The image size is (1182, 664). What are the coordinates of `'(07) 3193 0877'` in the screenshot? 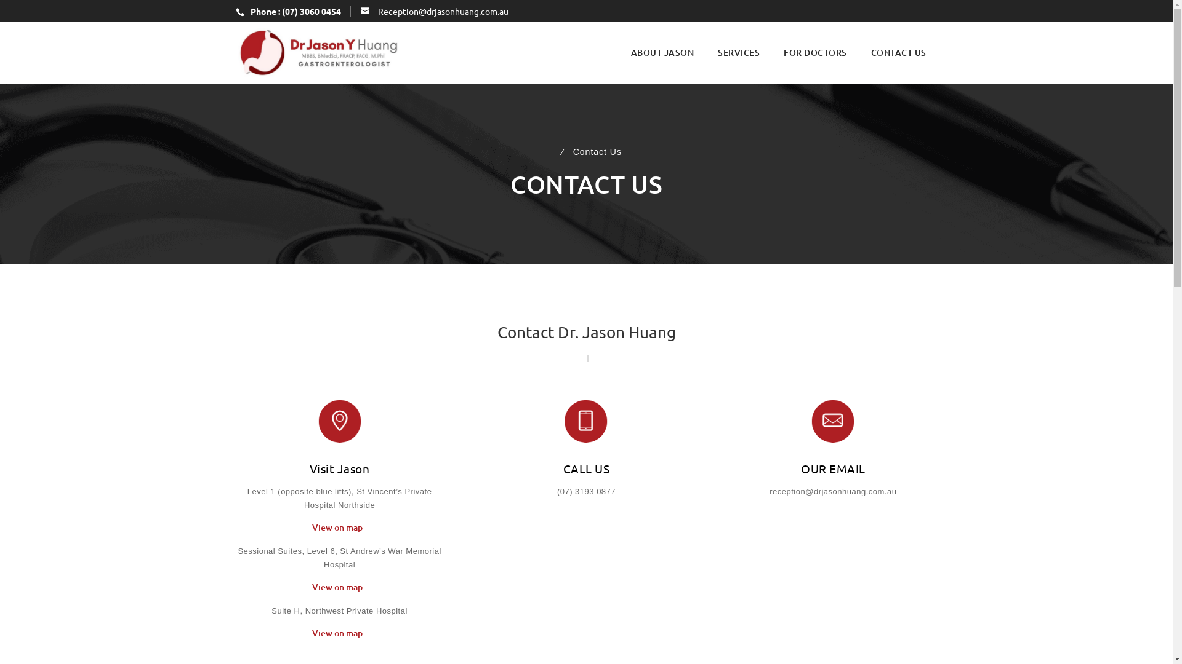 It's located at (585, 491).